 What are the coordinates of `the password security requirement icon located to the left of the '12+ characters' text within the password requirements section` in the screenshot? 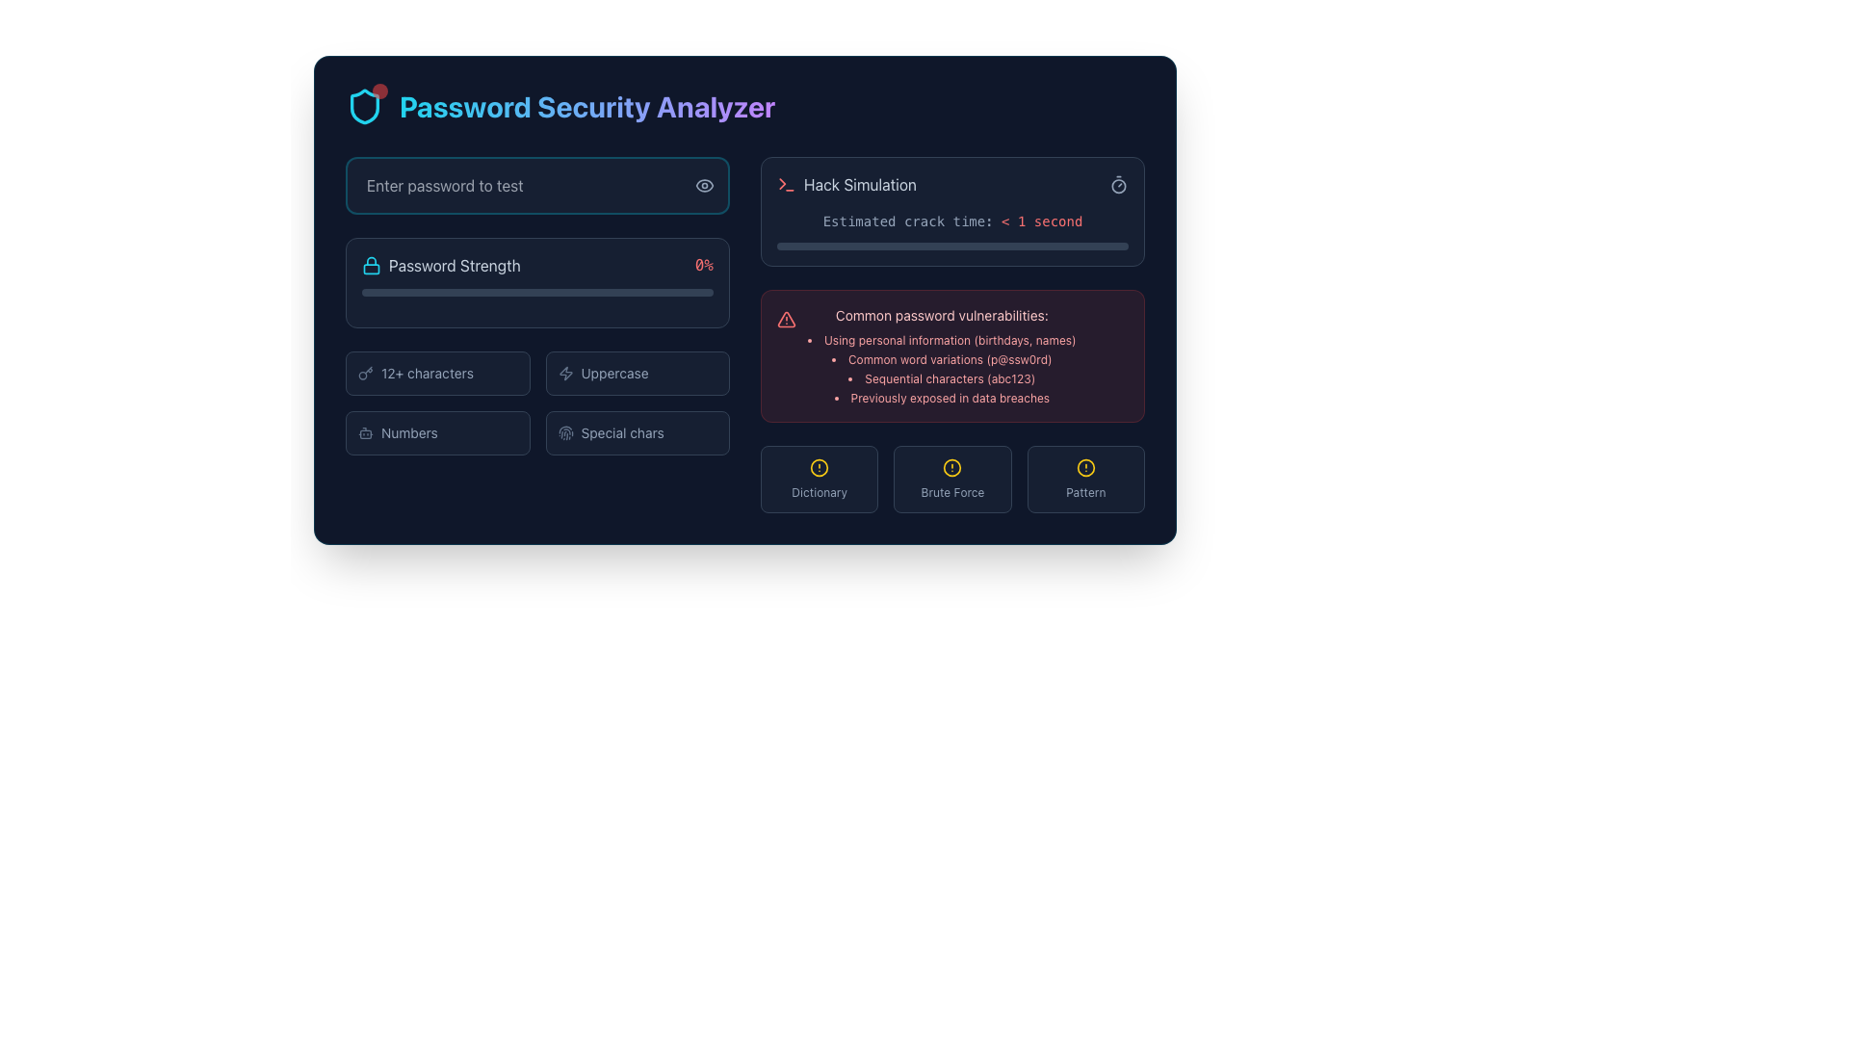 It's located at (365, 374).